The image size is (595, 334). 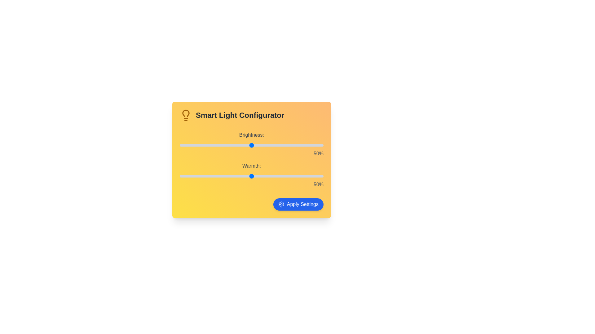 I want to click on the Text Heading labeled 'Smart Light Configurator' located to the right of the lightbulb icon in the top portion of the light orange card interface, so click(x=240, y=115).